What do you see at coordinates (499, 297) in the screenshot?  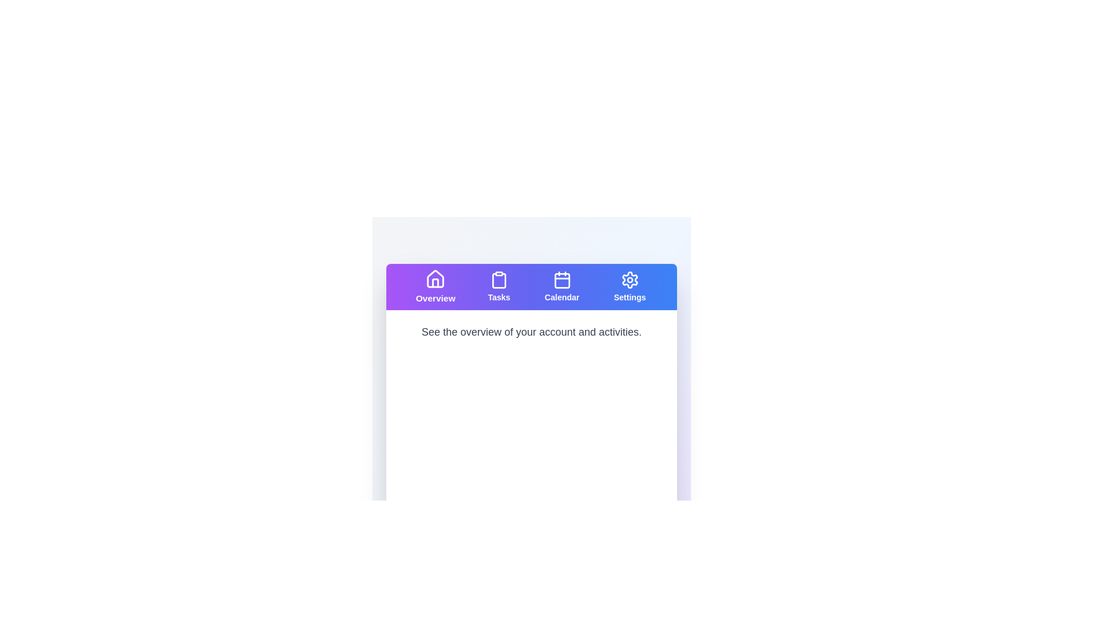 I see `the 'Tasks' navigational label located below the clipboard icon in the top center of the application interface` at bounding box center [499, 297].